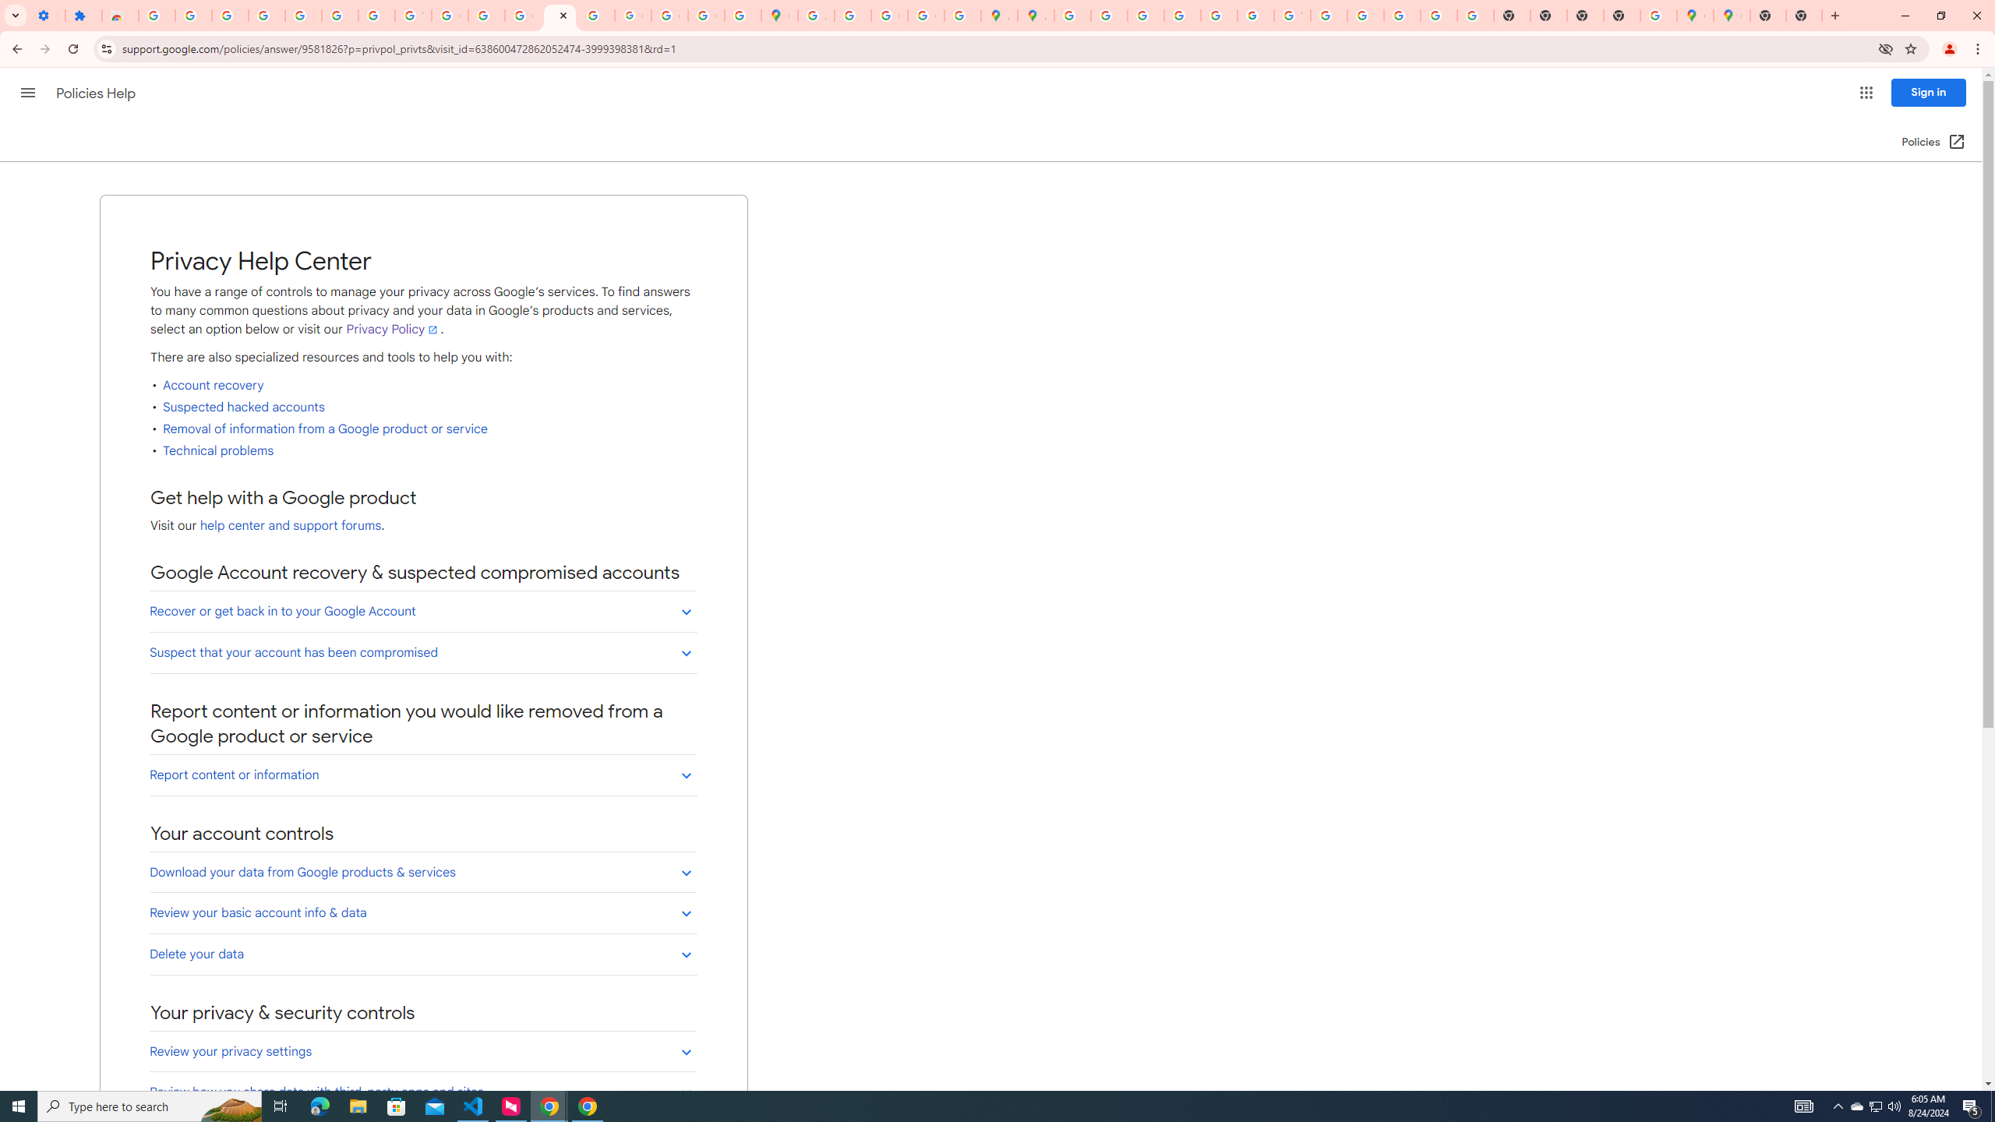 The height and width of the screenshot is (1122, 1995). I want to click on 'Suspected hacked accounts', so click(244, 406).